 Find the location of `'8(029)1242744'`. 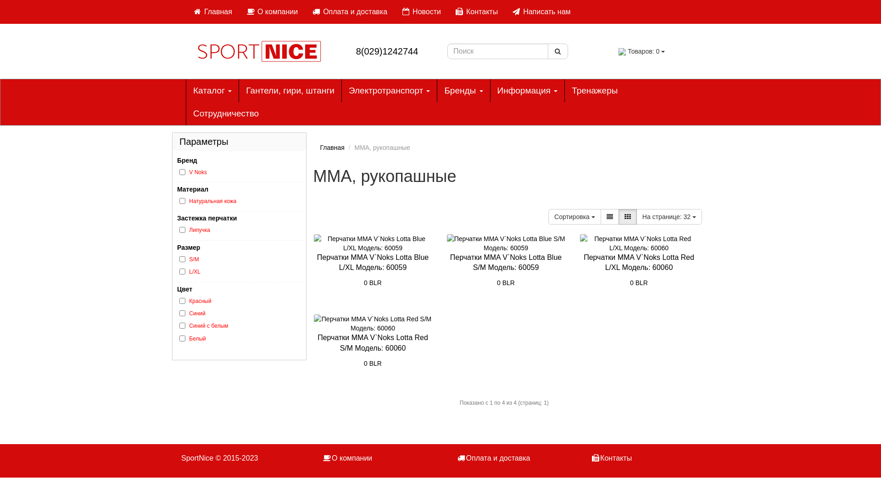

'8(029)1242744' is located at coordinates (387, 51).